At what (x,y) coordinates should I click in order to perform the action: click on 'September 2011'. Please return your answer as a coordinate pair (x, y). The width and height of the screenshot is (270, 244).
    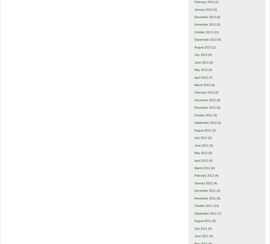
    Looking at the image, I should click on (194, 213).